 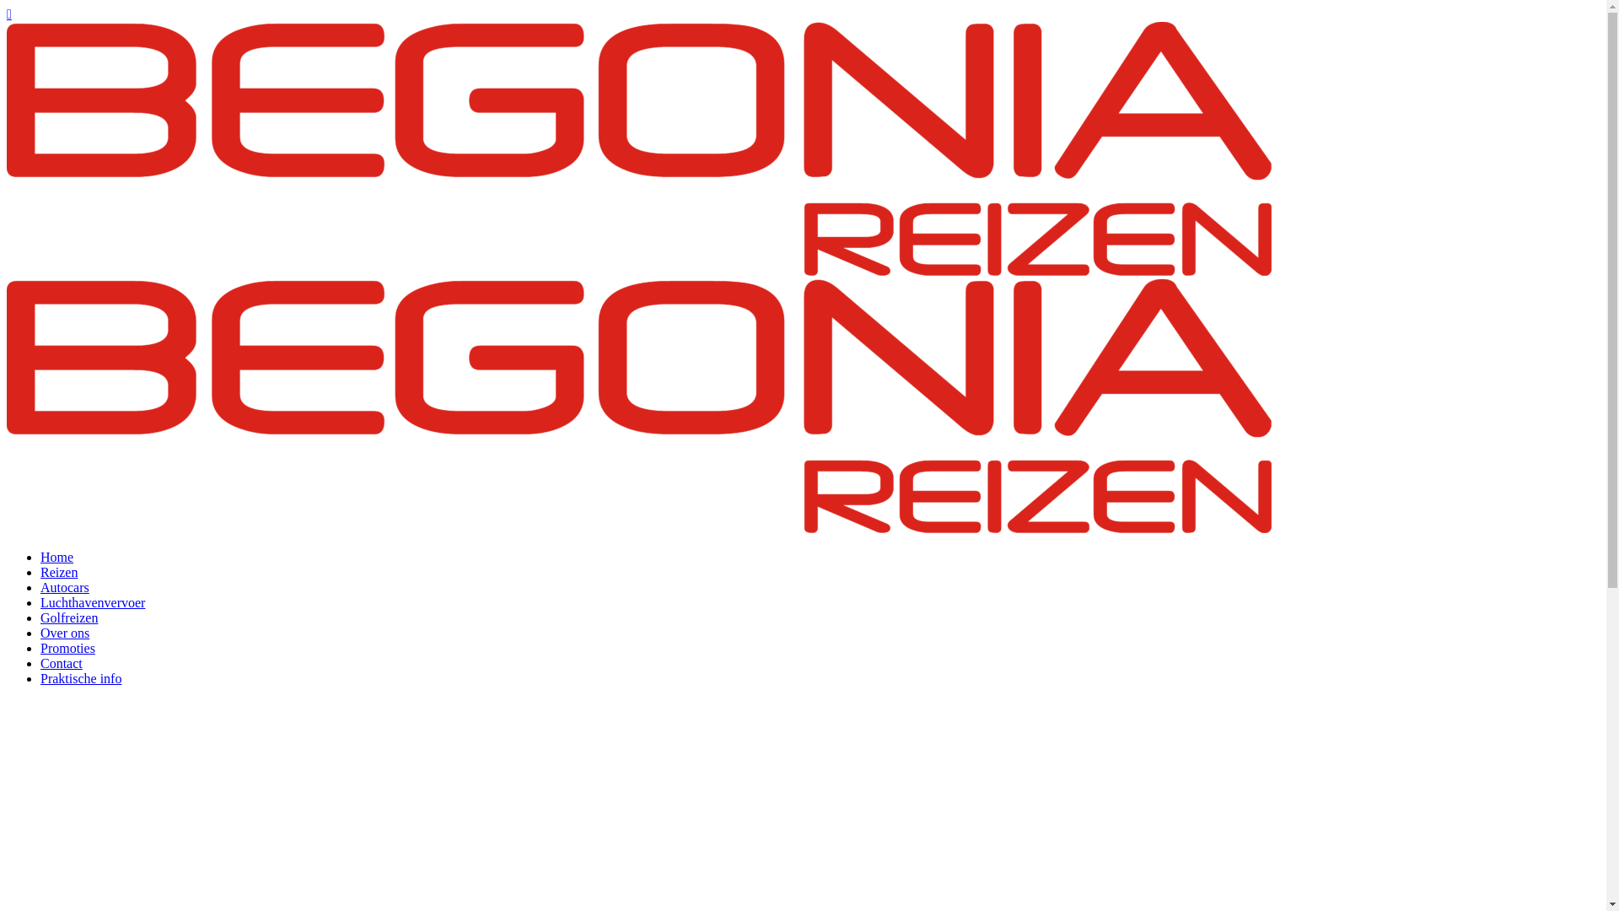 What do you see at coordinates (59, 571) in the screenshot?
I see `'Reizen'` at bounding box center [59, 571].